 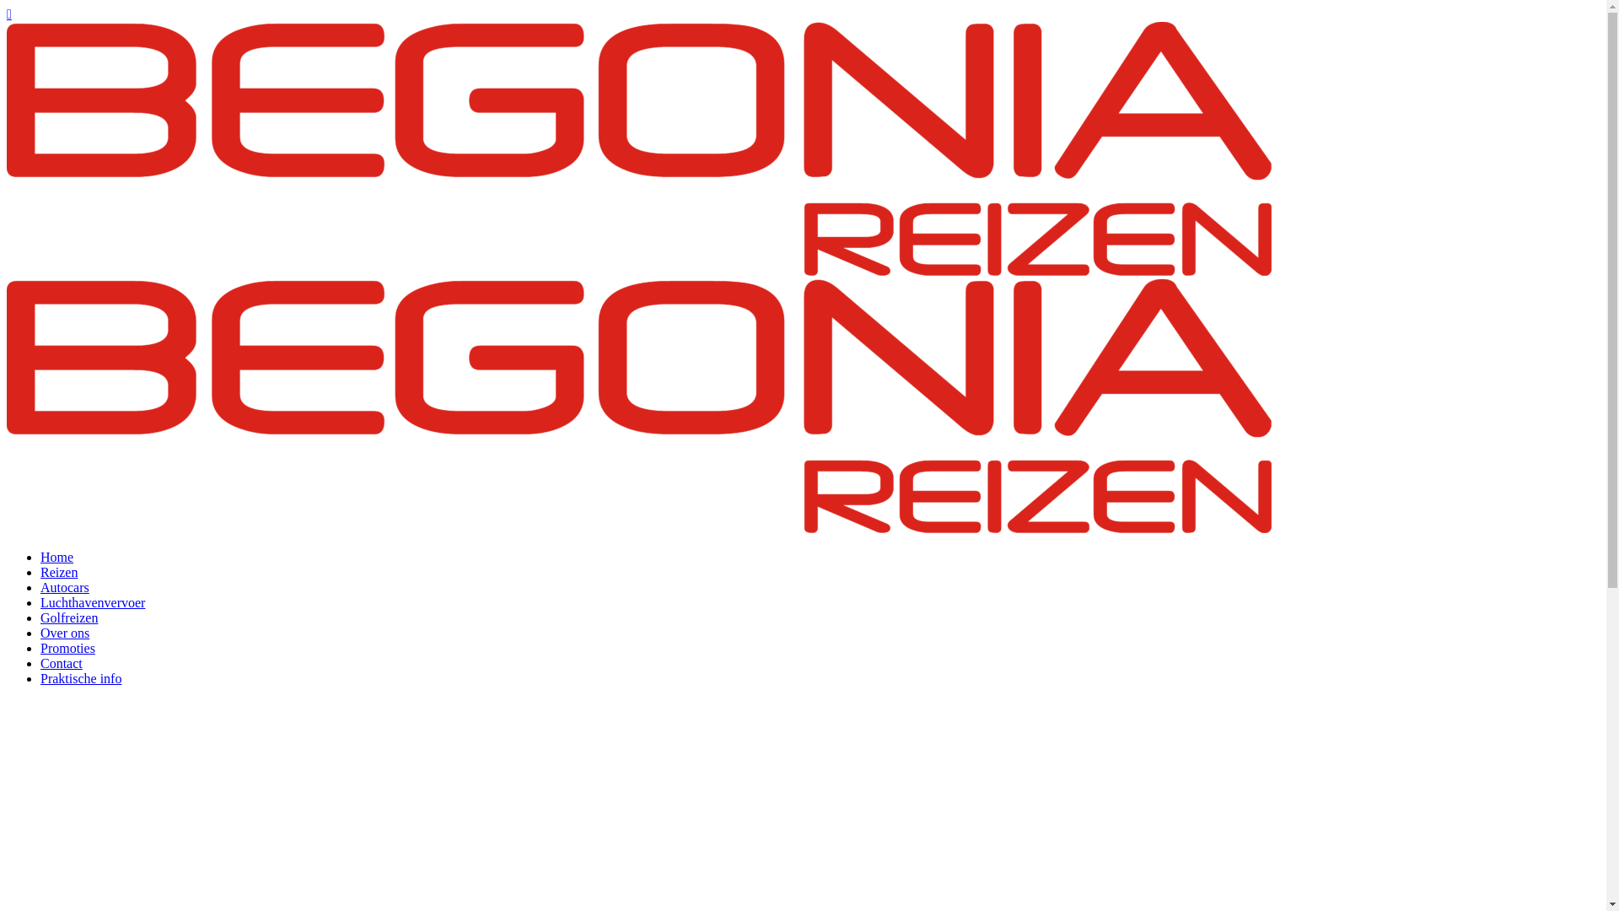 What do you see at coordinates (59, 571) in the screenshot?
I see `'Reizen'` at bounding box center [59, 571].